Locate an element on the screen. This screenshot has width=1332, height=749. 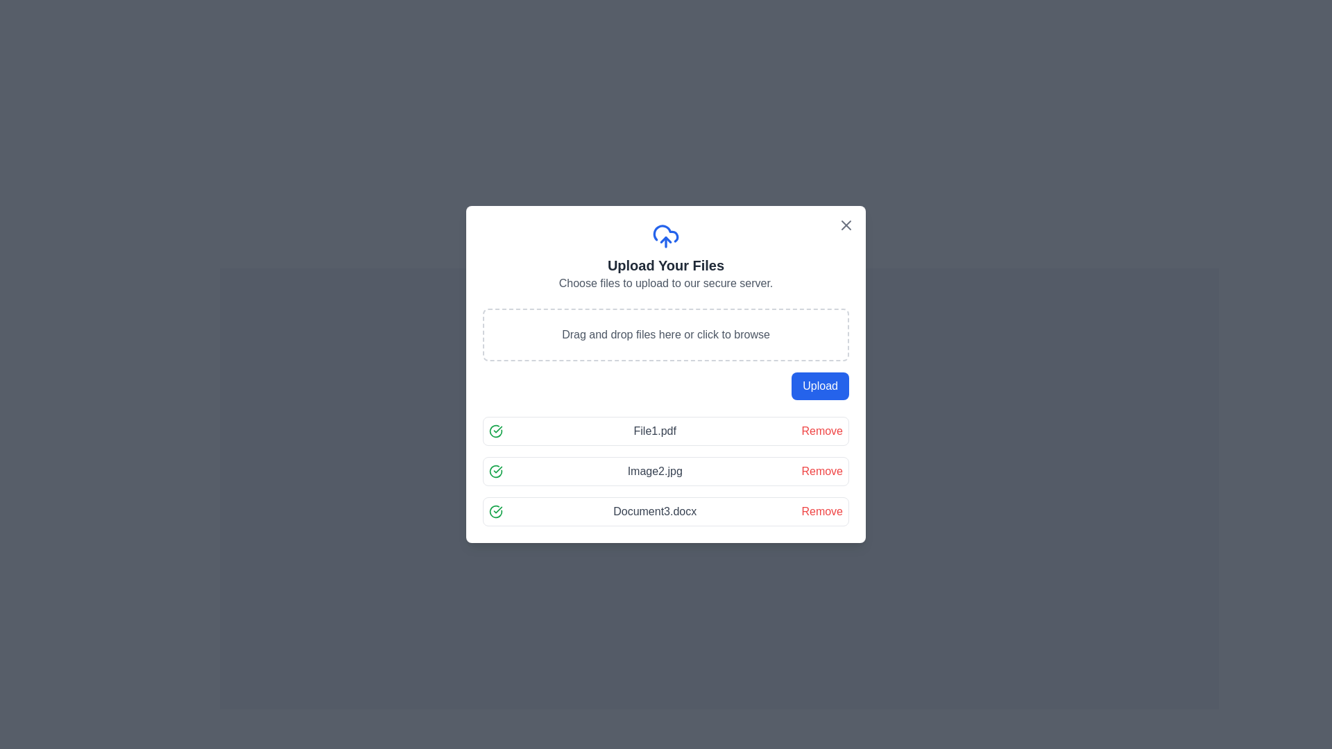
the text label displaying 'Document3.docx' which is located between a green check icon and a red 'Remove' link in the third row of the uploaded files list is located at coordinates (654, 511).